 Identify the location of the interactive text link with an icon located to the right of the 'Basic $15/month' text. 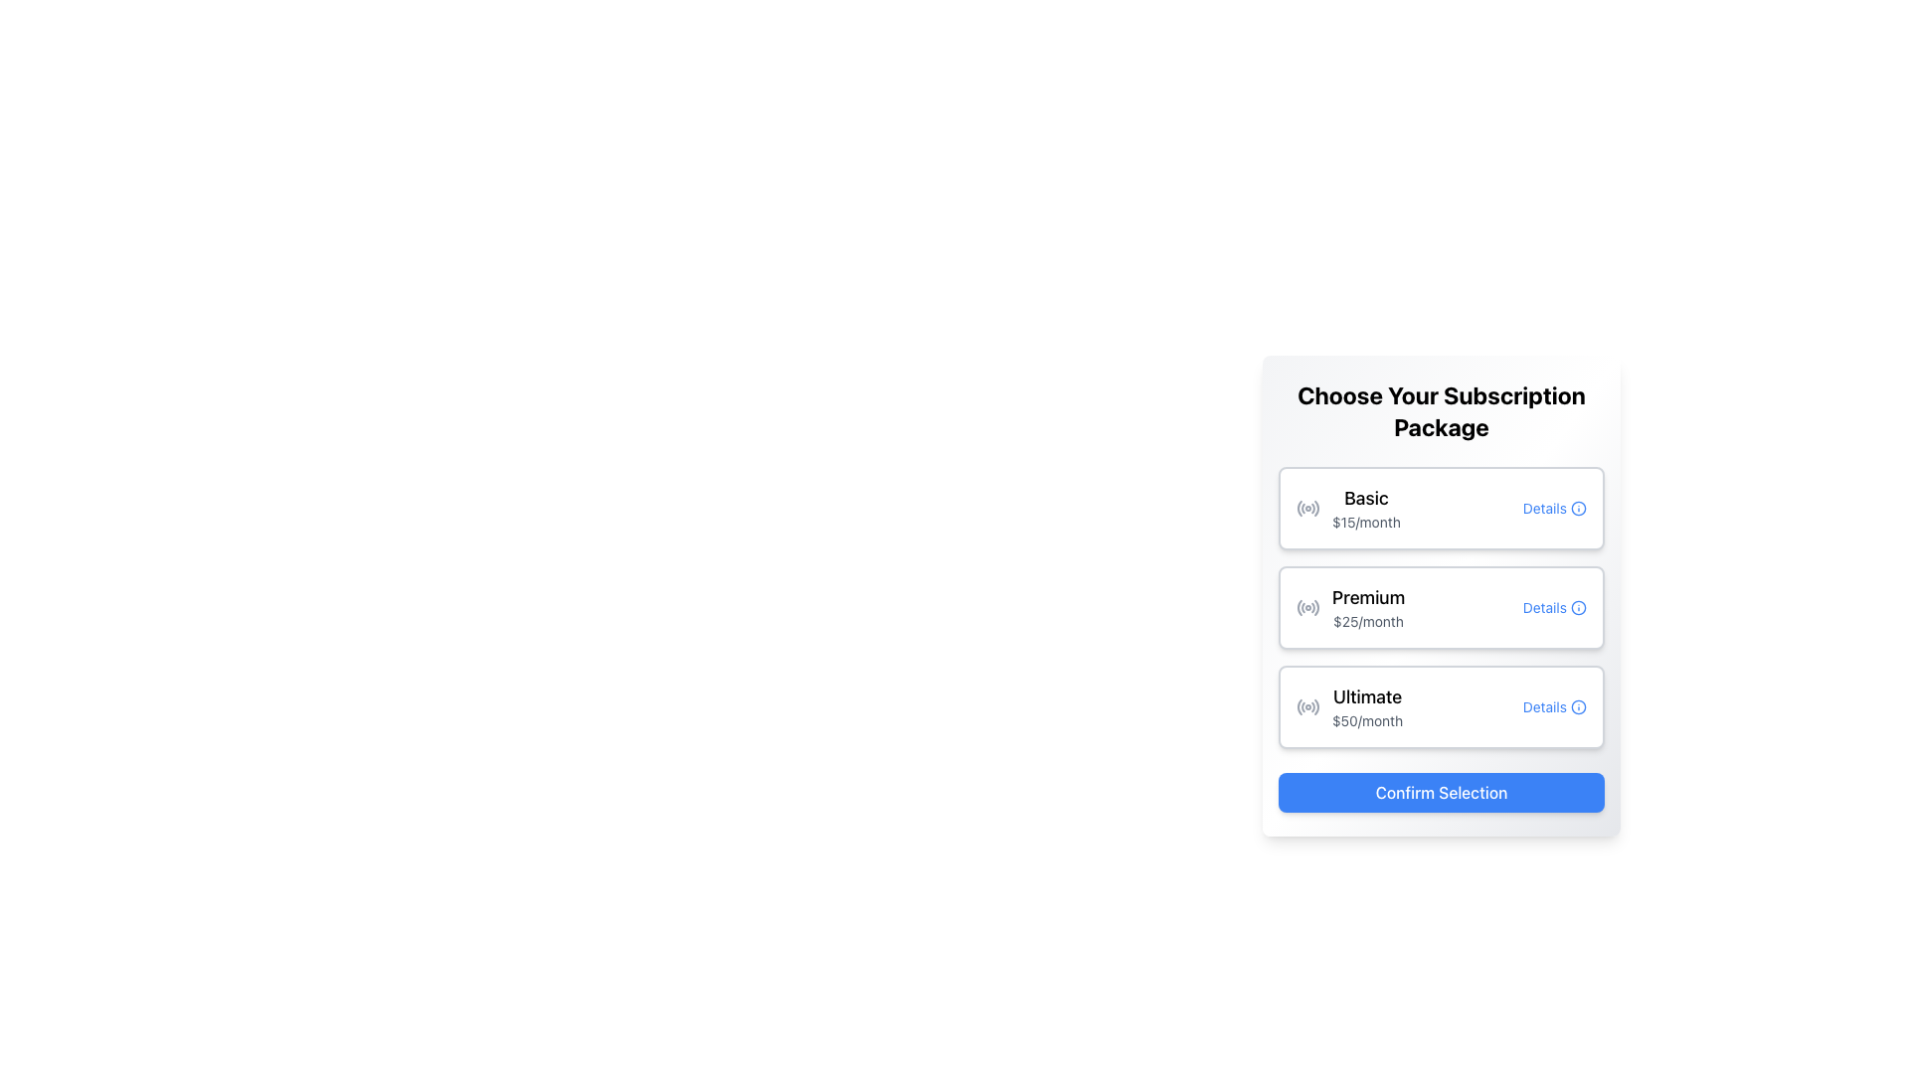
(1553, 508).